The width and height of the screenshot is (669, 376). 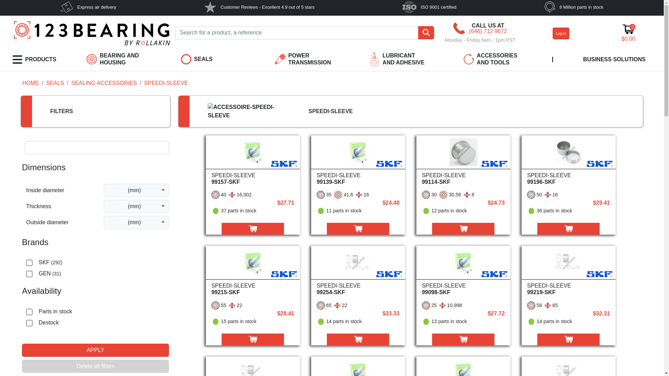 What do you see at coordinates (34, 60) in the screenshot?
I see `'PRODUCTS'` at bounding box center [34, 60].